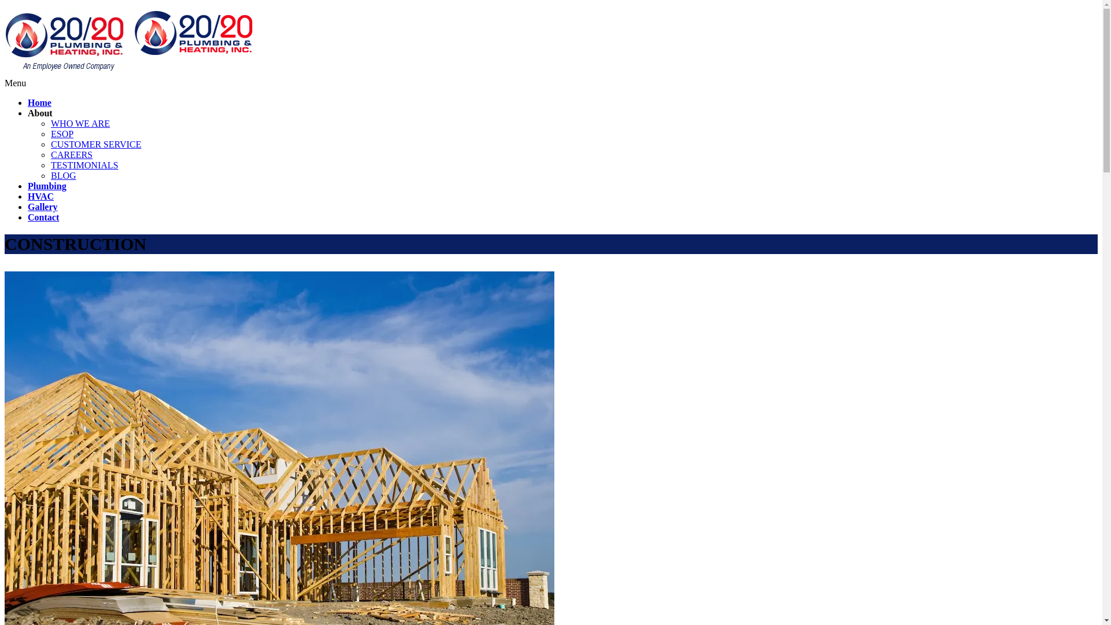  What do you see at coordinates (43, 217) in the screenshot?
I see `'Contact'` at bounding box center [43, 217].